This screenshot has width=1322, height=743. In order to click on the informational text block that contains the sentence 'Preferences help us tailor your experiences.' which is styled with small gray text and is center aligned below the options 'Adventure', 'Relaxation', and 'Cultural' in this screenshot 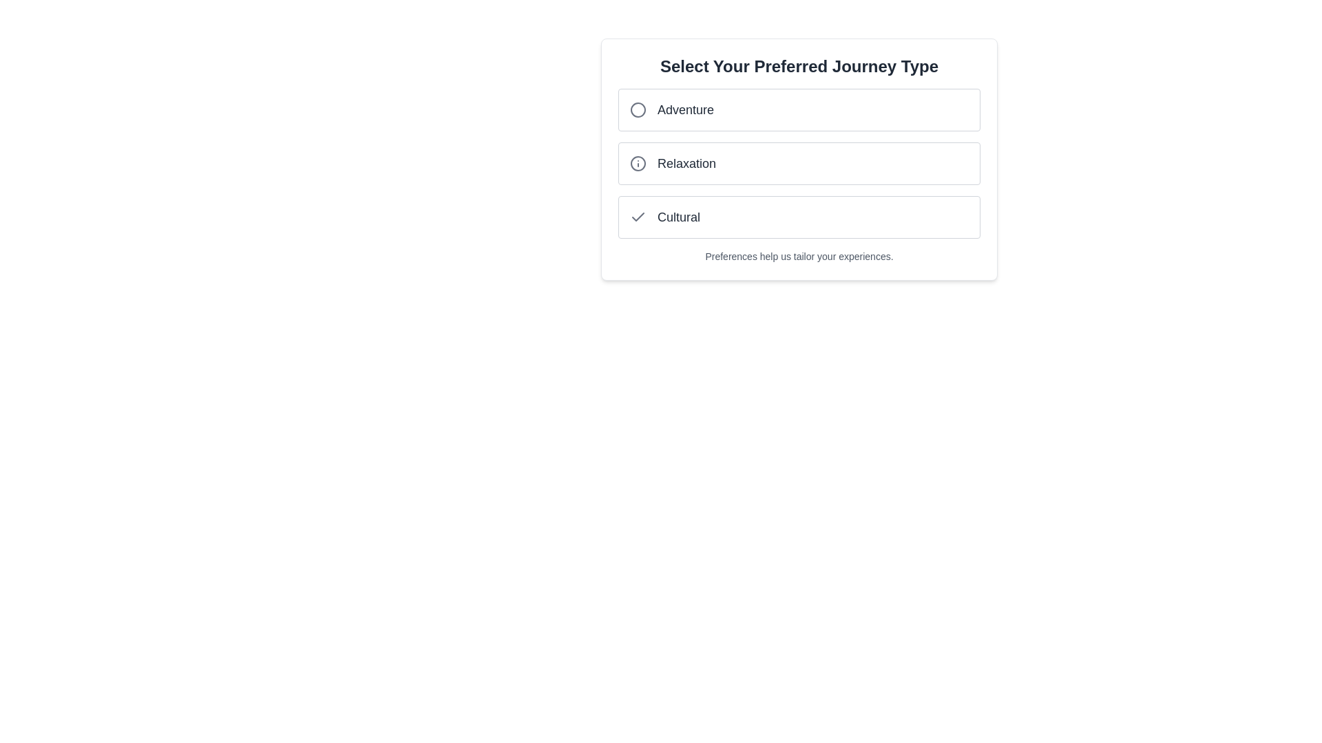, I will do `click(799, 257)`.